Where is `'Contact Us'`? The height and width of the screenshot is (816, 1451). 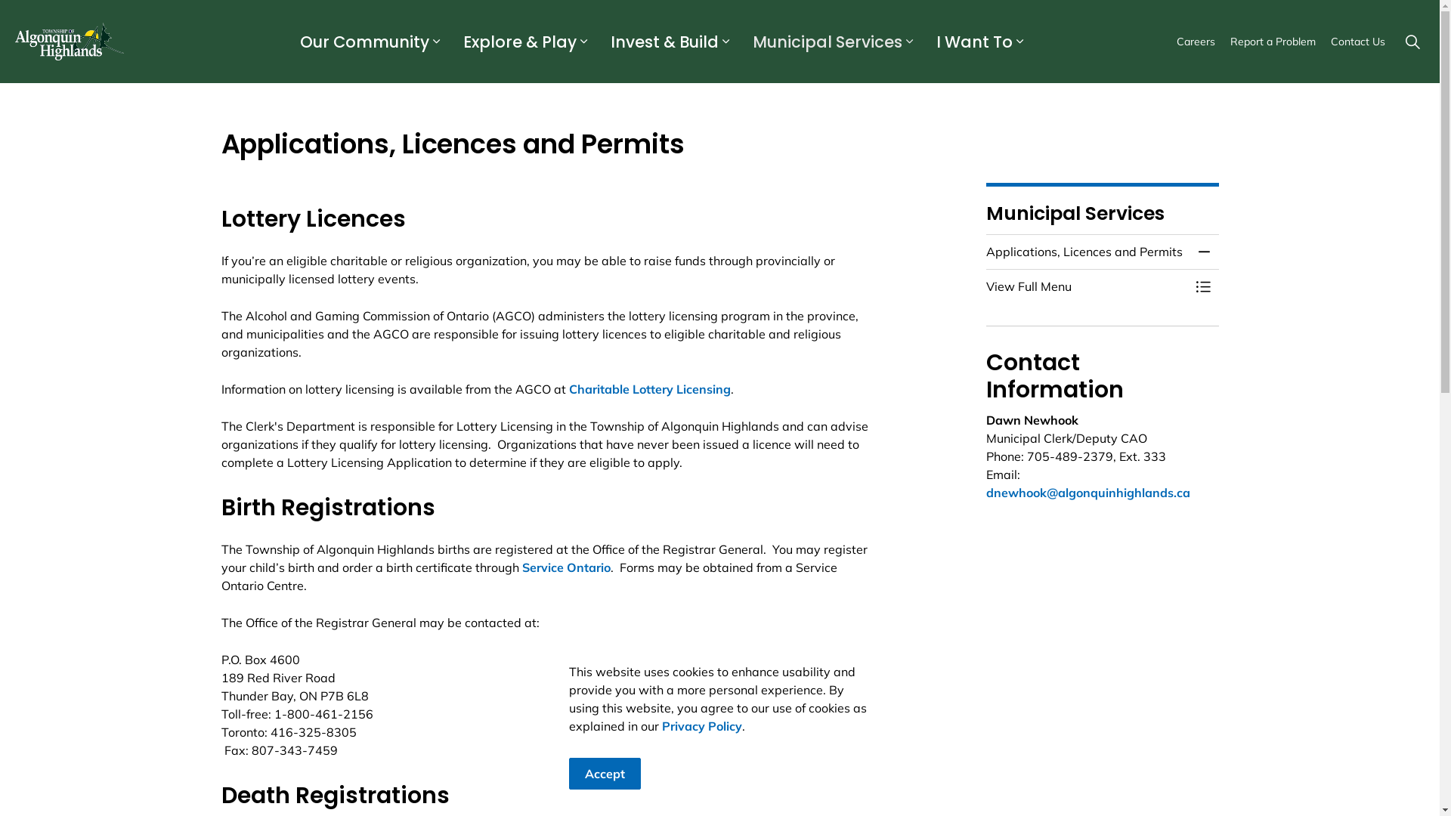
'Contact Us' is located at coordinates (1357, 40).